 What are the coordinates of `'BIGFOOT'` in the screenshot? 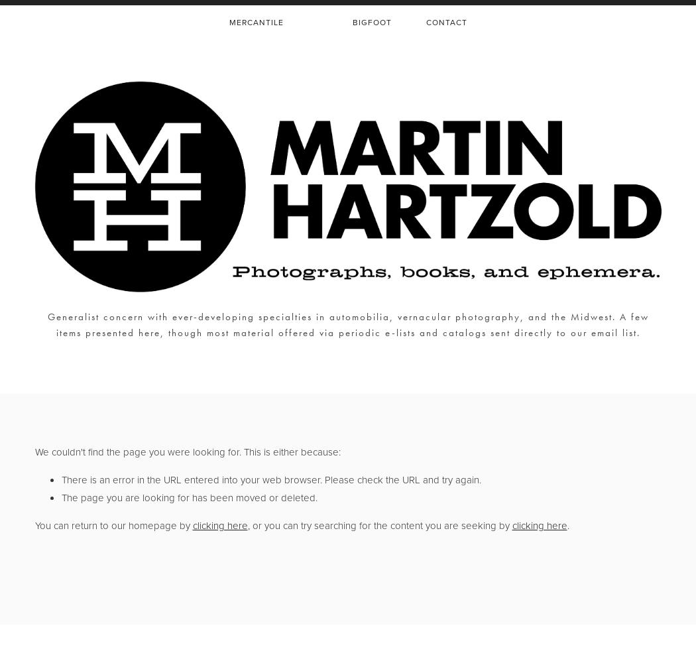 It's located at (351, 23).